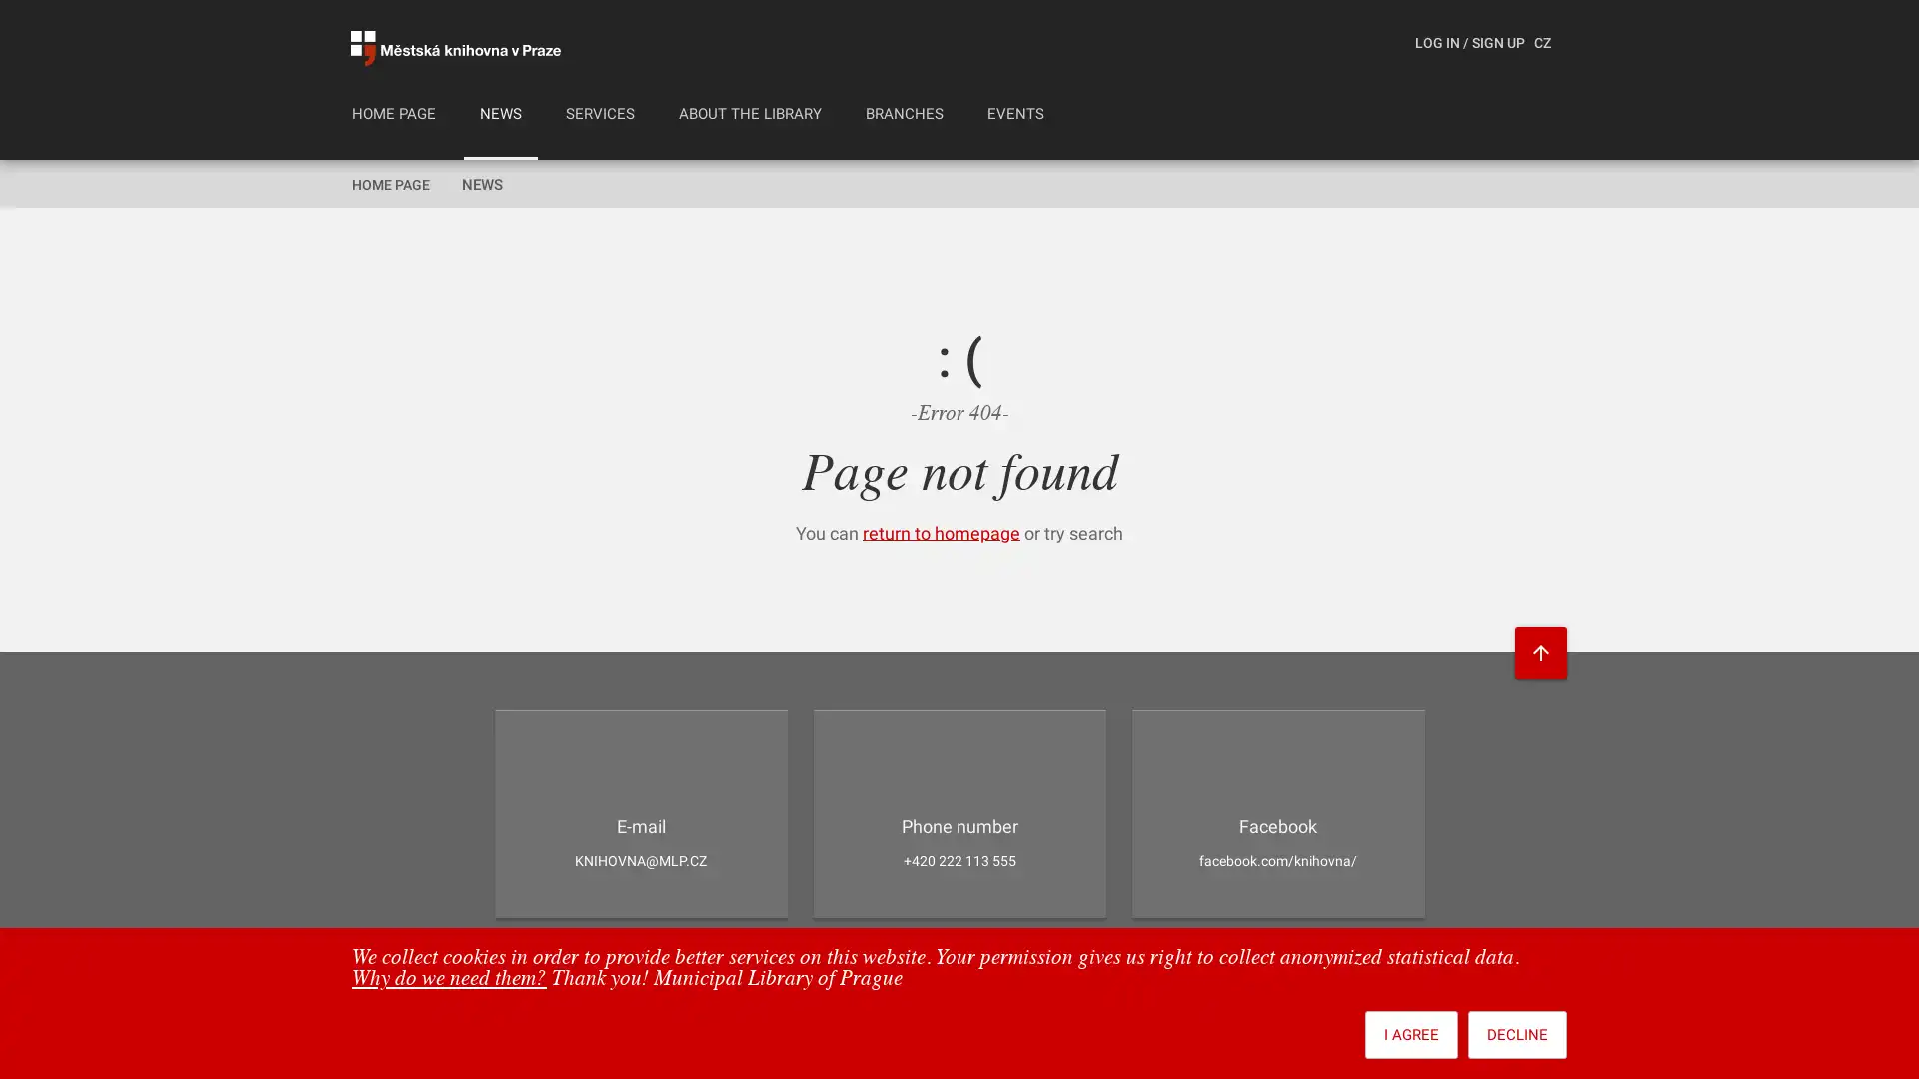  Describe the element at coordinates (1517, 1034) in the screenshot. I see `DECLINE` at that location.